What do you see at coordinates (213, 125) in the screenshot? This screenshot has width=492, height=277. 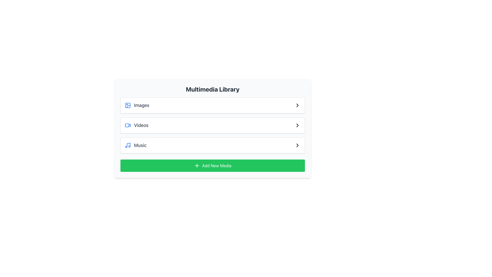 I see `the second entry` at bounding box center [213, 125].